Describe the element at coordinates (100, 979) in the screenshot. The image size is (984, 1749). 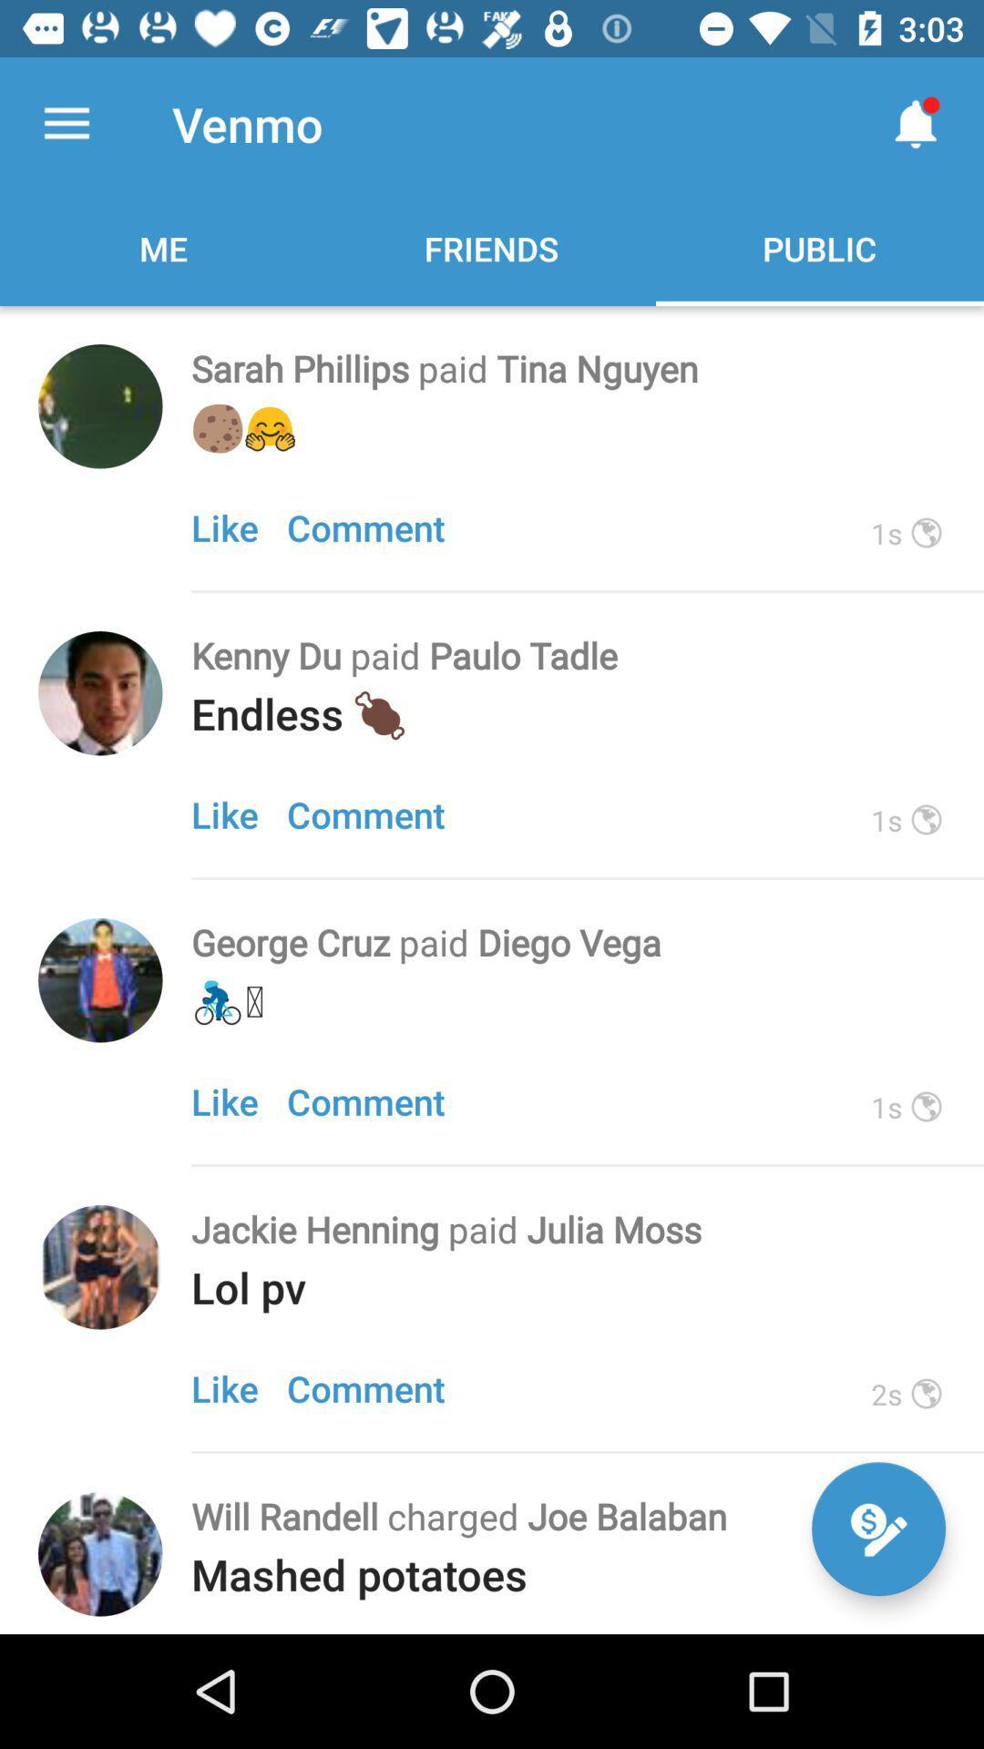
I see `user profile` at that location.